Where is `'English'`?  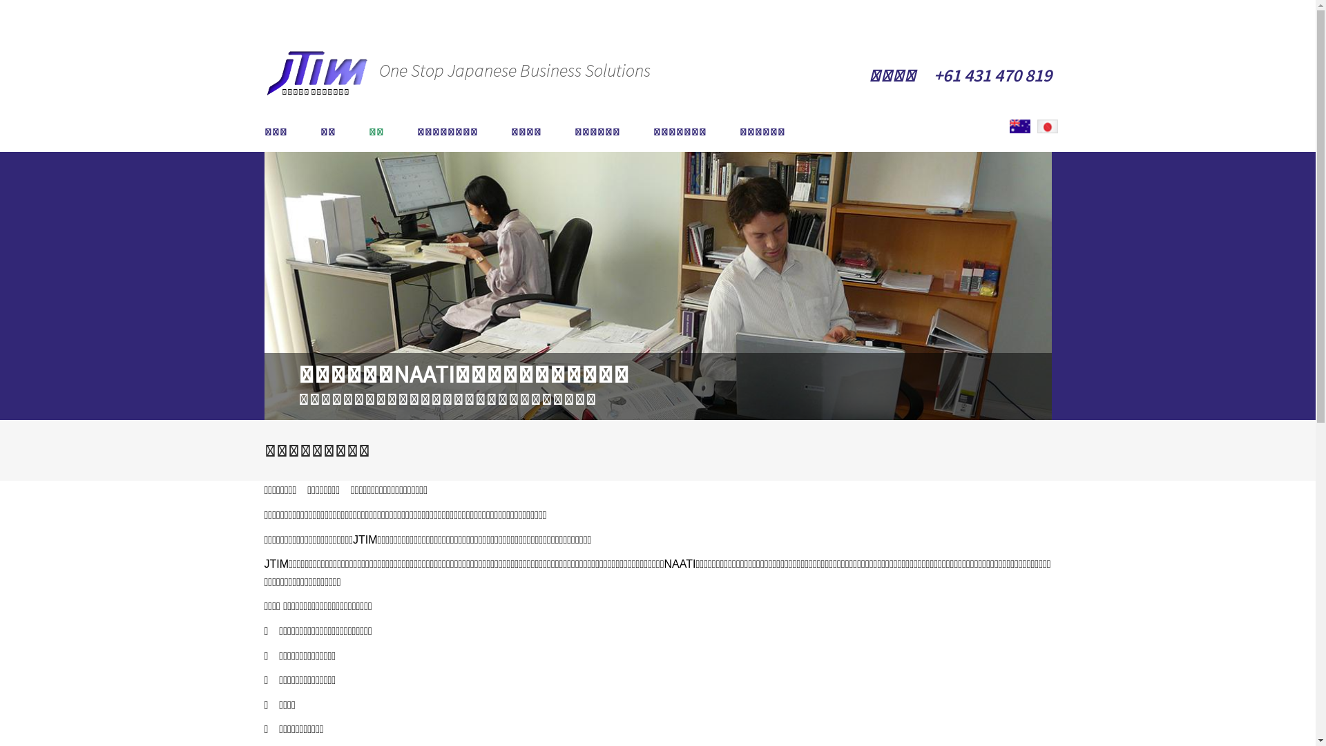 'English' is located at coordinates (1020, 126).